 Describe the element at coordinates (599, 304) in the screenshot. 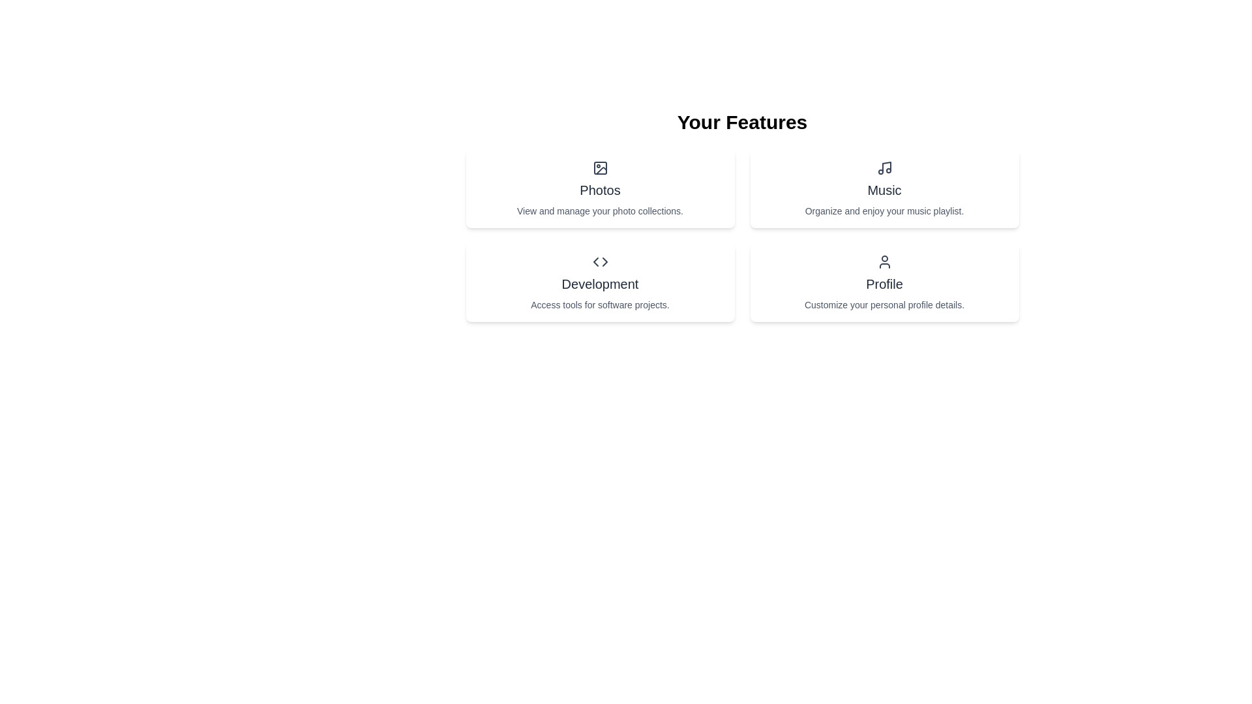

I see `the text box that provides additional information regarding the 'Development' section, located at the bottom of the 'Development' panel in the lower left quadrant of the features grid layout` at that location.